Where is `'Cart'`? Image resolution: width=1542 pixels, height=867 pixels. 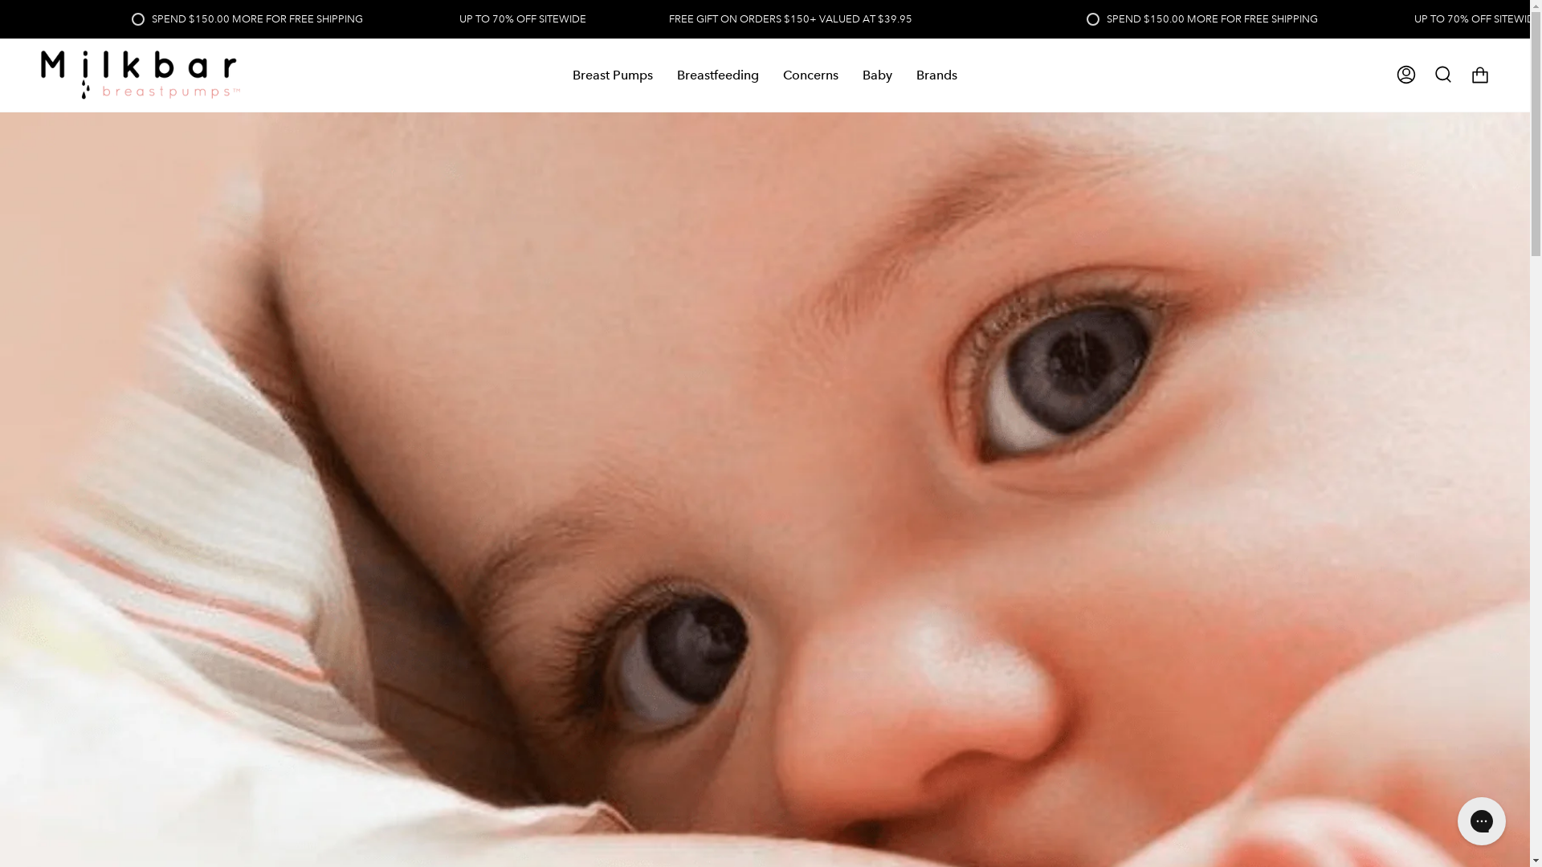 'Cart' is located at coordinates (1479, 75).